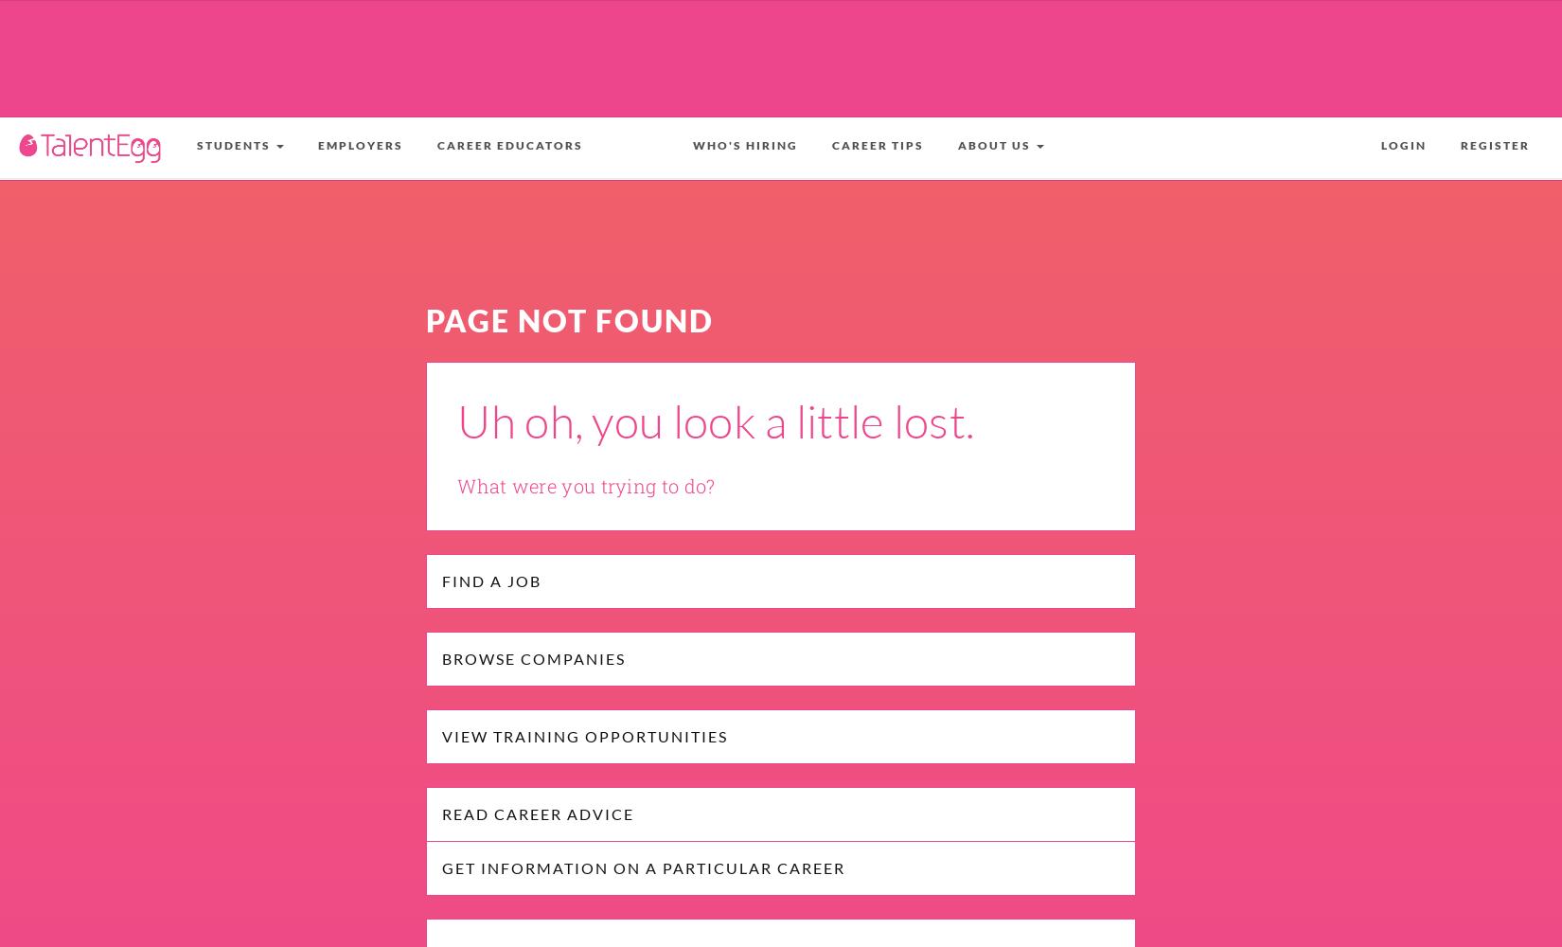  I want to click on 'Browse Companies', so click(532, 657).